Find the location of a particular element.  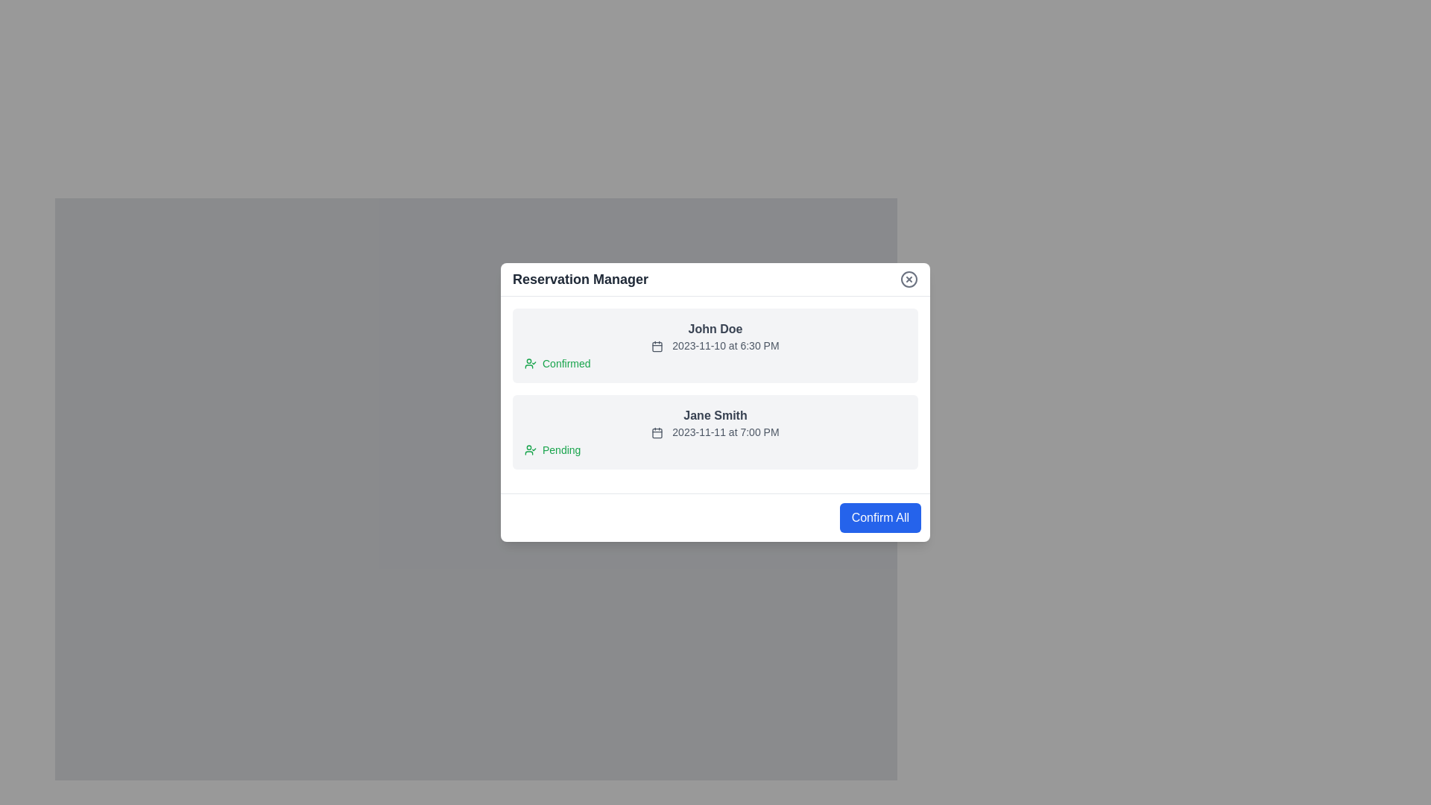

the user figure icon with a checkmark, styled in green, located to the left of the text 'Confirmed' for the entry corresponding to 'John Doe' is located at coordinates (530, 364).